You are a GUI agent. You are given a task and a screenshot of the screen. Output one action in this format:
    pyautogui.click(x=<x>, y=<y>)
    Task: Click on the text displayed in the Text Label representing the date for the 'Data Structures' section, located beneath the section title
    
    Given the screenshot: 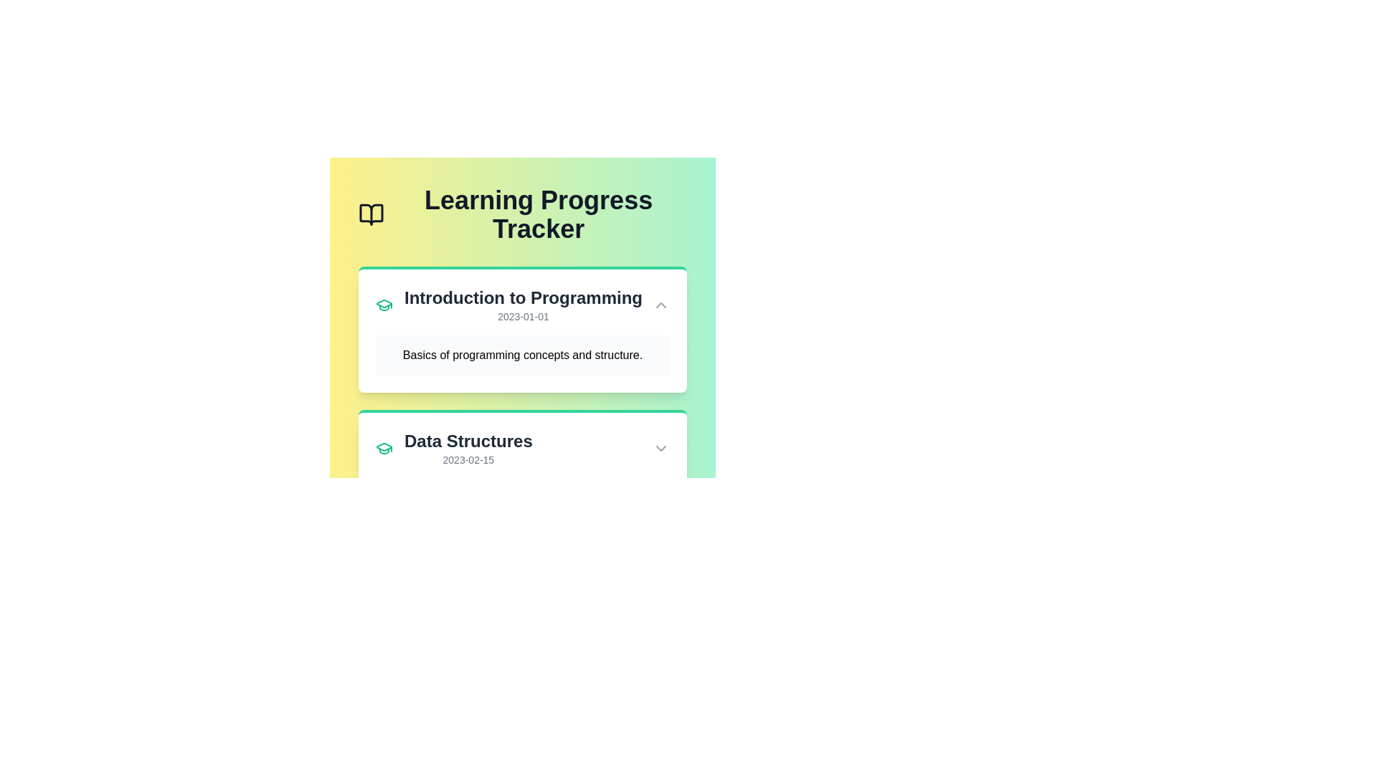 What is the action you would take?
    pyautogui.click(x=468, y=459)
    